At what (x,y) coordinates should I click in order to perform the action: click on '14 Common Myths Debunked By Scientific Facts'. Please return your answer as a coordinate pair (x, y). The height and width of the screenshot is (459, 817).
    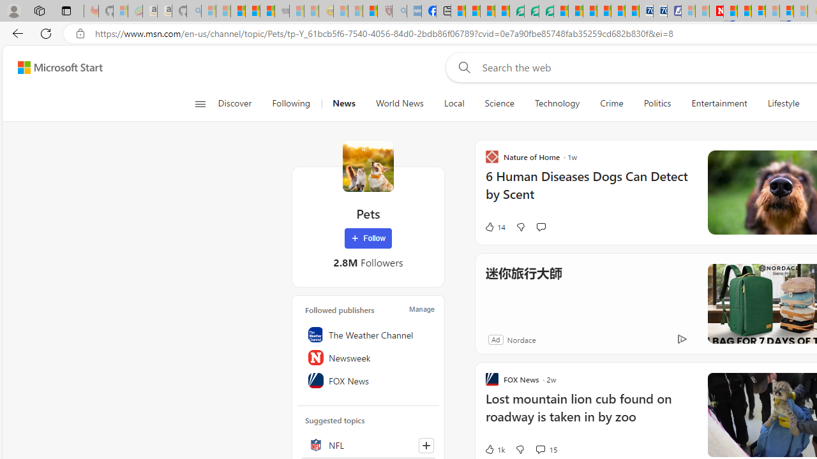
    Looking at the image, I should click on (744, 11).